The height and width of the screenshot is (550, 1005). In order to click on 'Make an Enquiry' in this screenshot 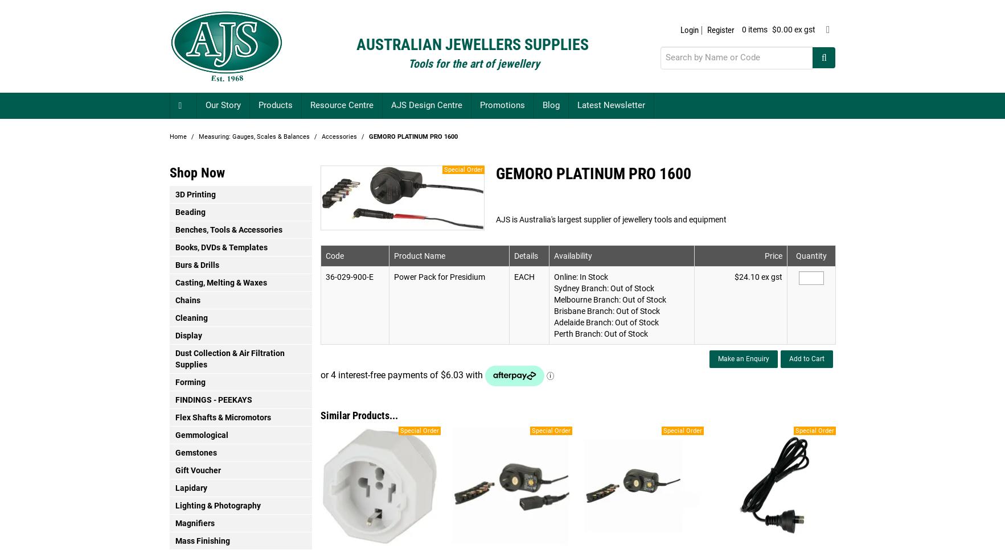, I will do `click(717, 358)`.